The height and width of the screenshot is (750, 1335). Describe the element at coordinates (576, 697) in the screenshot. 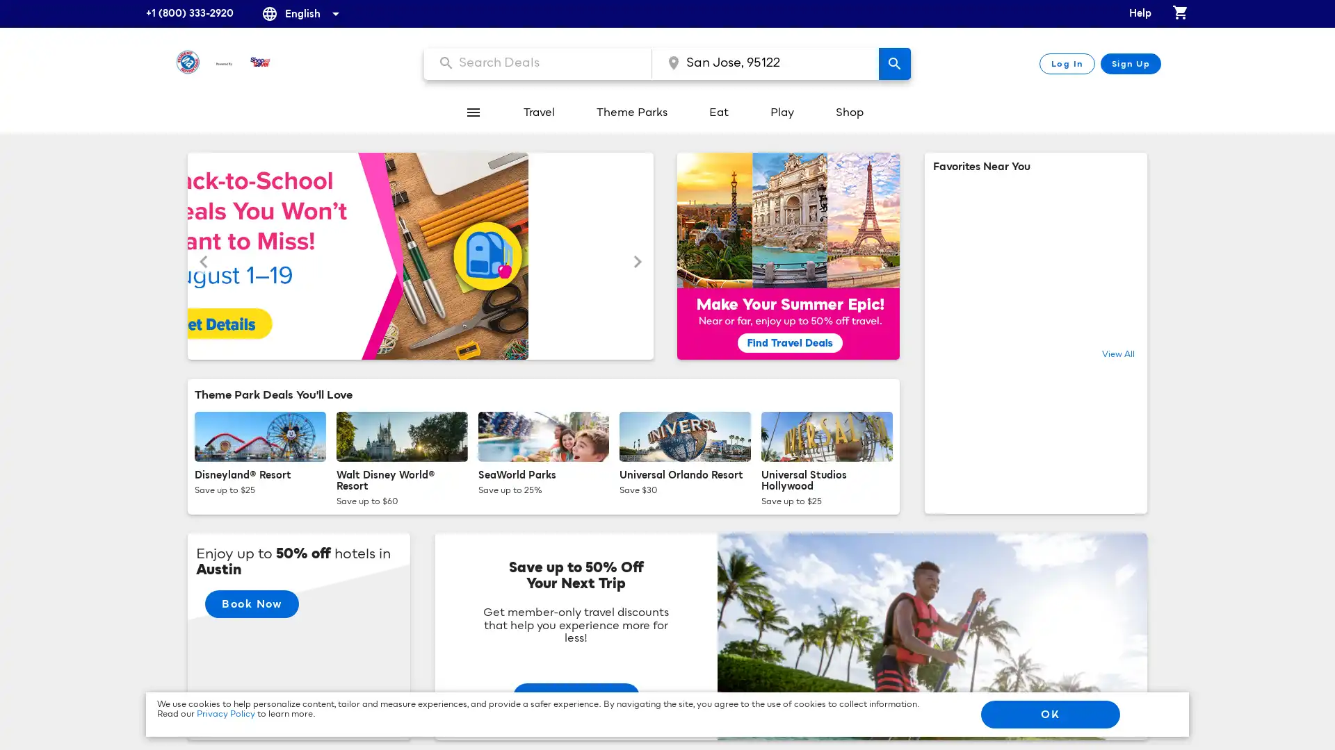

I see `Start Planning!` at that location.